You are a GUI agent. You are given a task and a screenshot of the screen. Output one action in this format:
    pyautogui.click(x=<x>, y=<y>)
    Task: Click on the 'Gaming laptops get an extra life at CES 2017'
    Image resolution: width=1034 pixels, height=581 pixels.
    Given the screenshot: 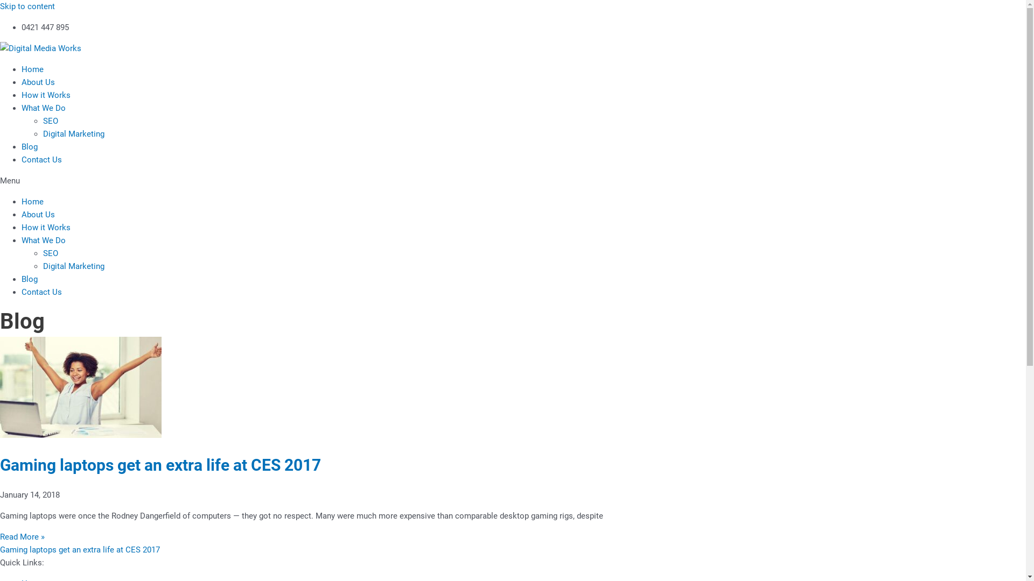 What is the action you would take?
    pyautogui.click(x=79, y=550)
    